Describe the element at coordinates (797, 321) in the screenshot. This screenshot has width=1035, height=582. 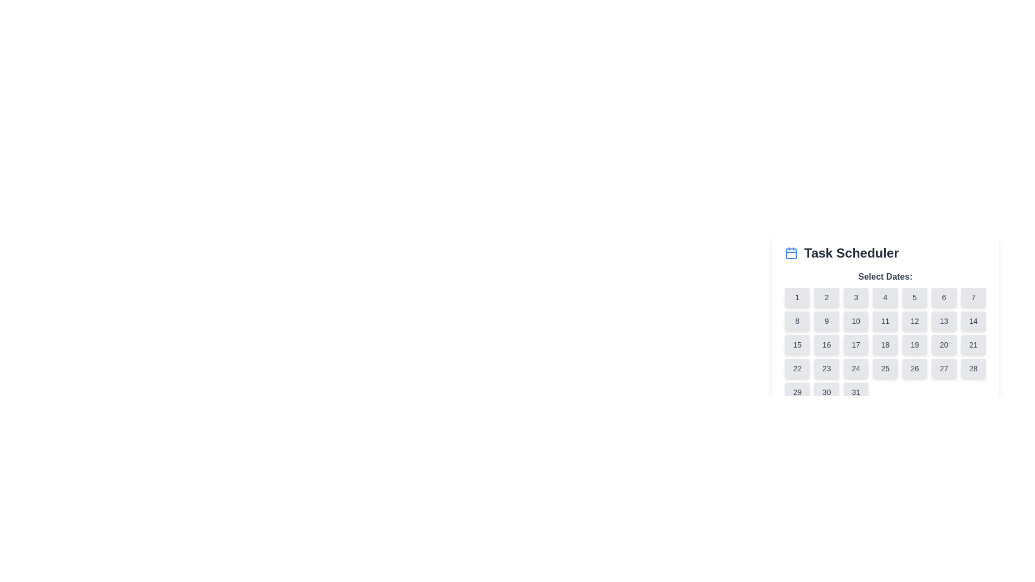
I see `the button representing the number '8' in the 'Task Scheduler' section` at that location.